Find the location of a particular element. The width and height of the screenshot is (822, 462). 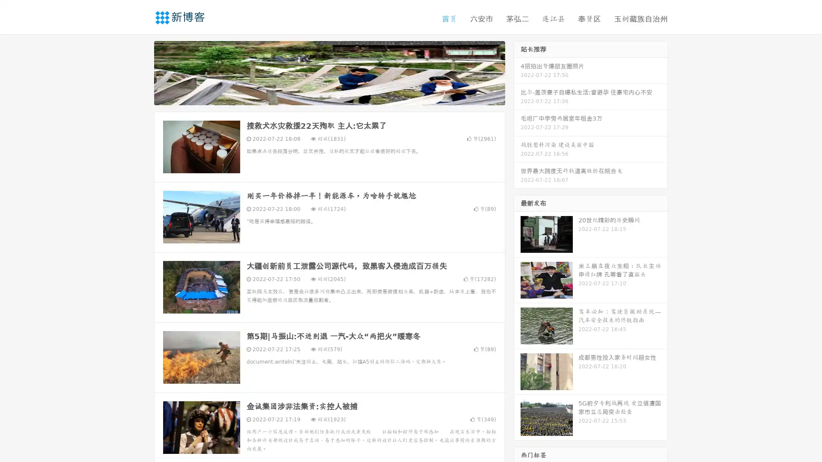

Go to slide 3 is located at coordinates (338, 96).